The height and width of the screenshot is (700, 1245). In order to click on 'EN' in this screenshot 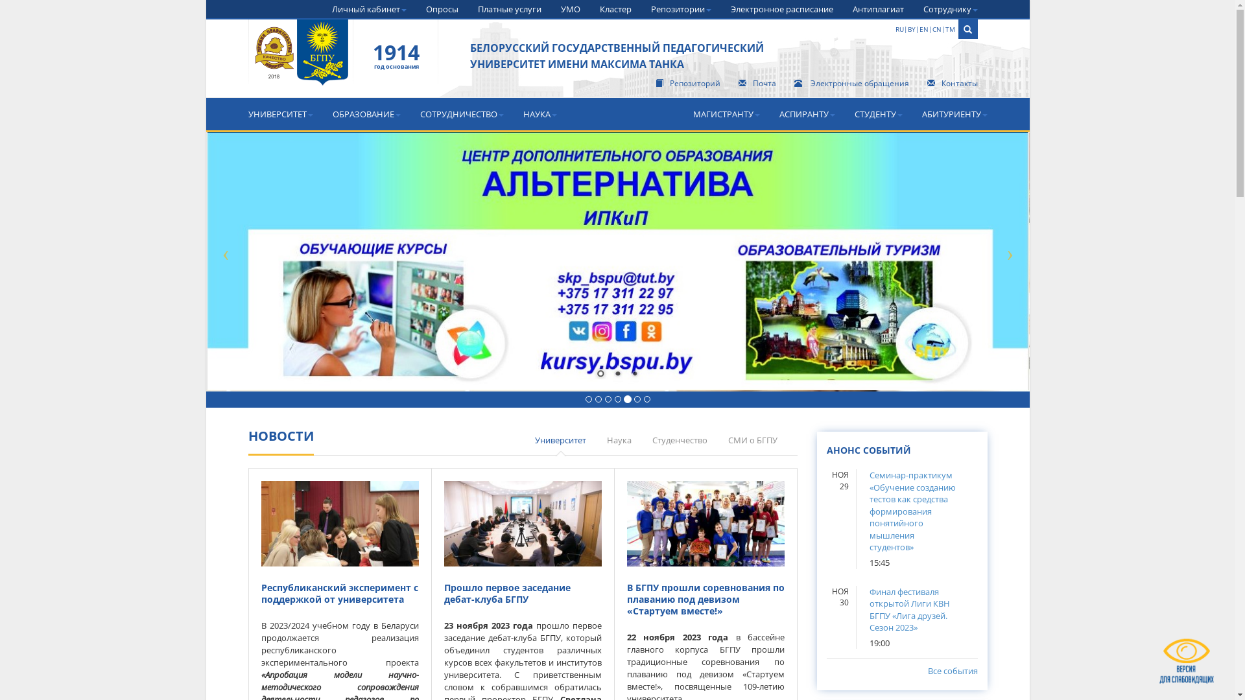, I will do `click(923, 29)`.